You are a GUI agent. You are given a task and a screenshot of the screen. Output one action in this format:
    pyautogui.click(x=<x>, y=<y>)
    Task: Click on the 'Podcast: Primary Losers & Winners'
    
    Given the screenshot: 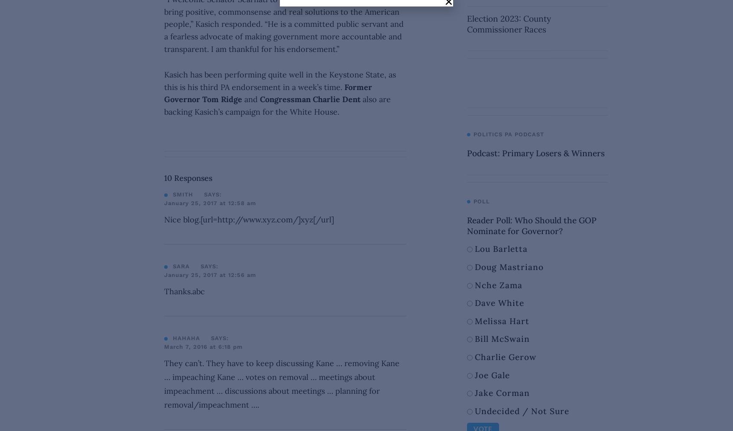 What is the action you would take?
    pyautogui.click(x=535, y=153)
    